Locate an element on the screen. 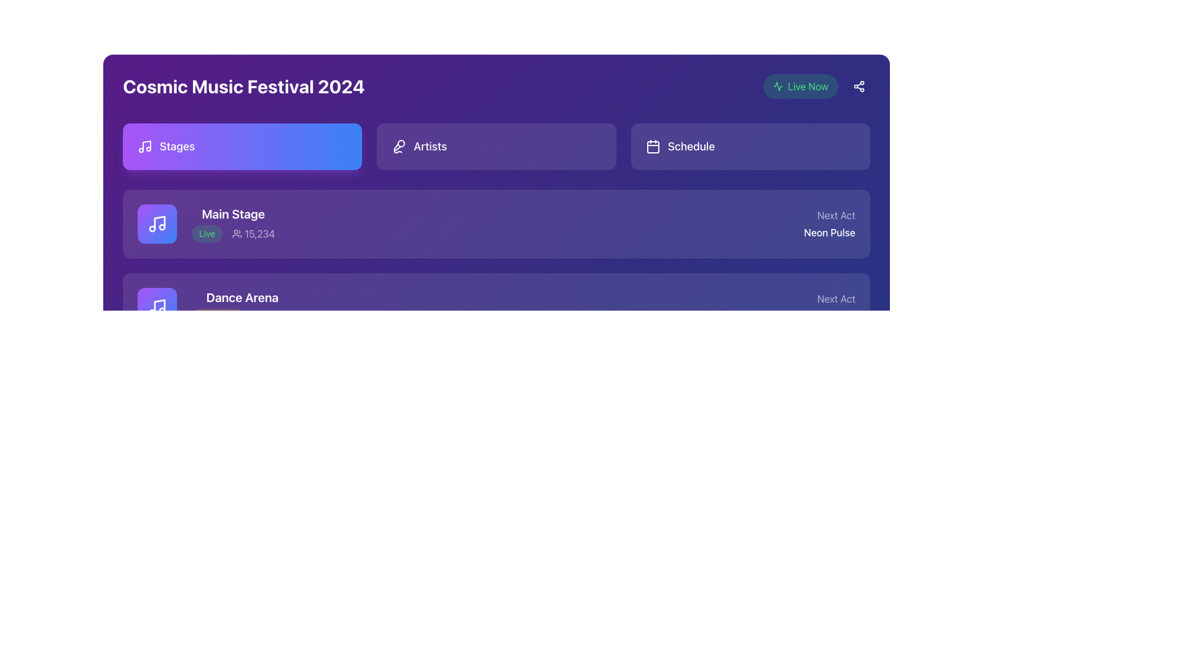 The height and width of the screenshot is (663, 1180). the 'Next Act' text label that indicates the significance of the subsequent textual information in the interface is located at coordinates (825, 298).